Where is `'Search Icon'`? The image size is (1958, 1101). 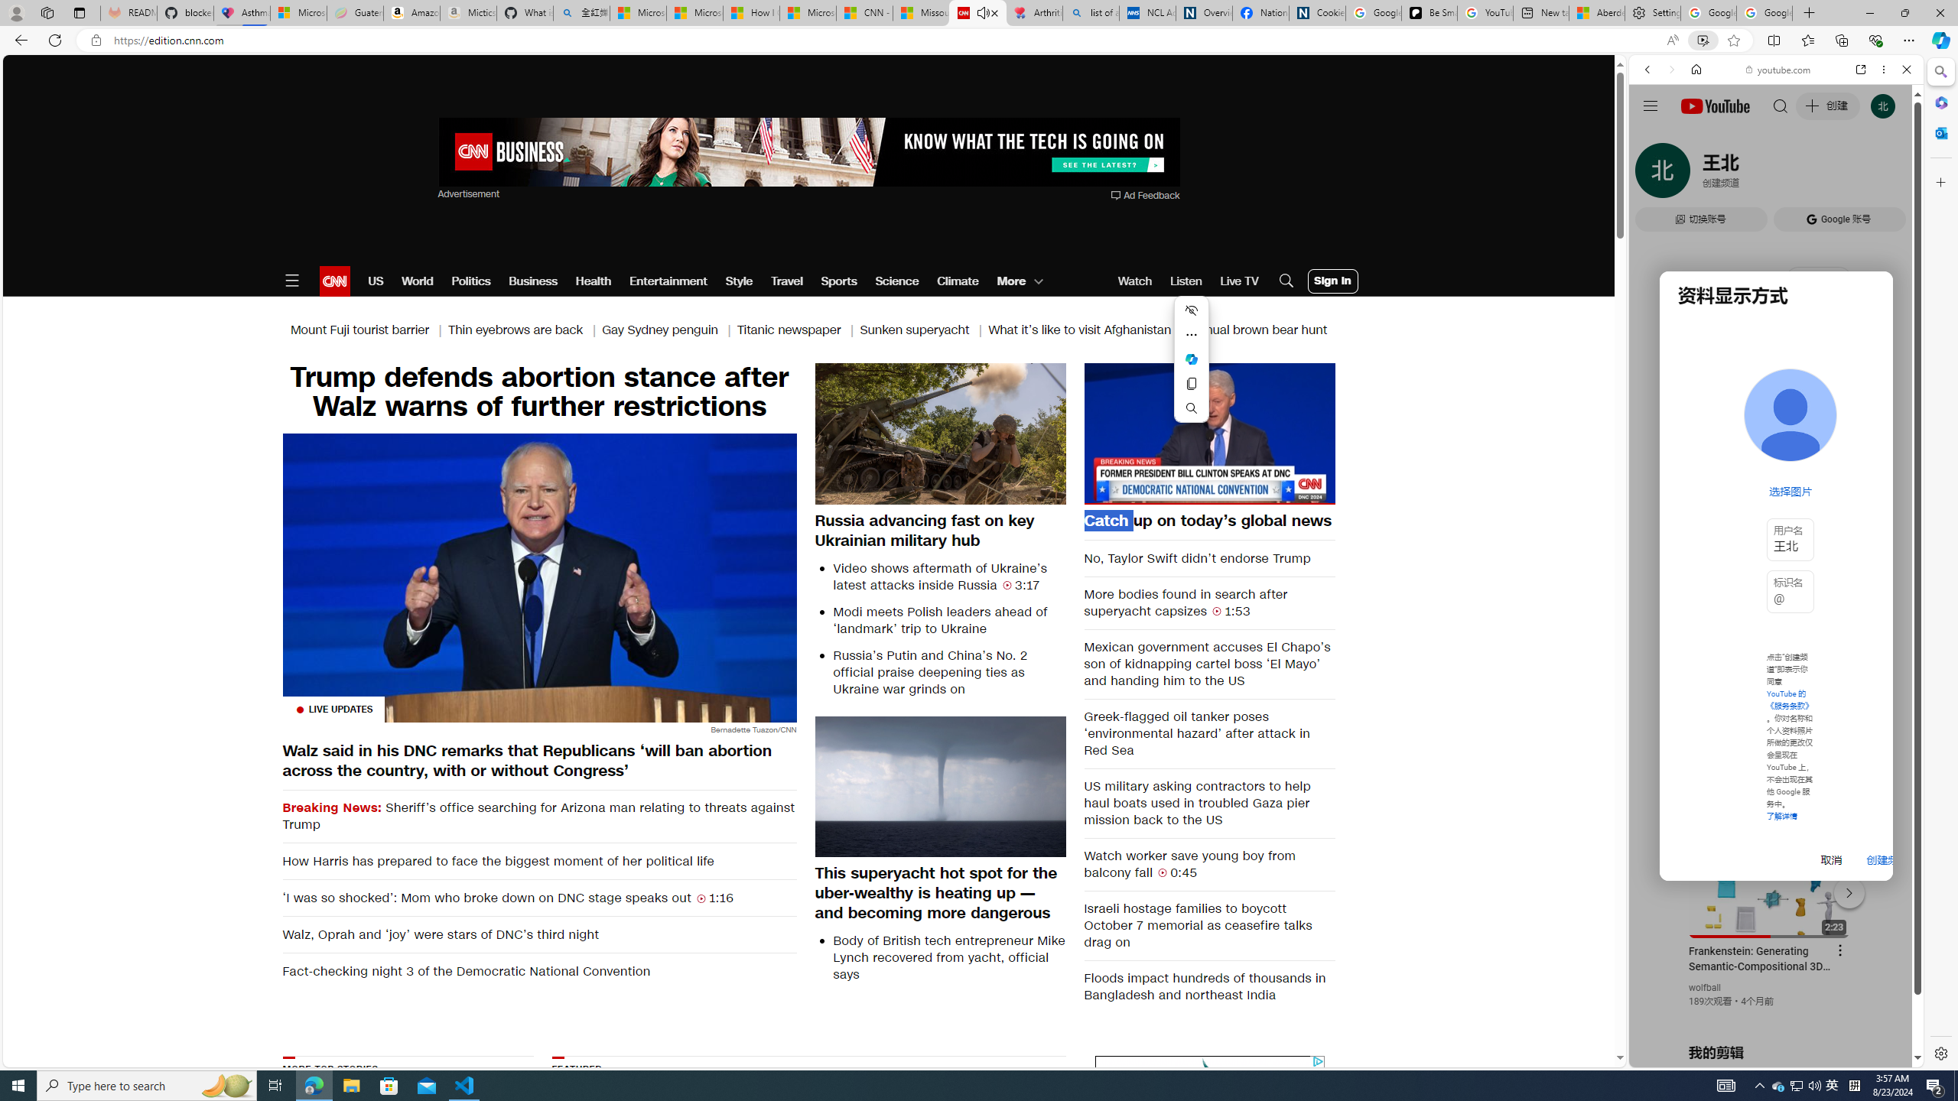
'Search Icon' is located at coordinates (1285, 281).